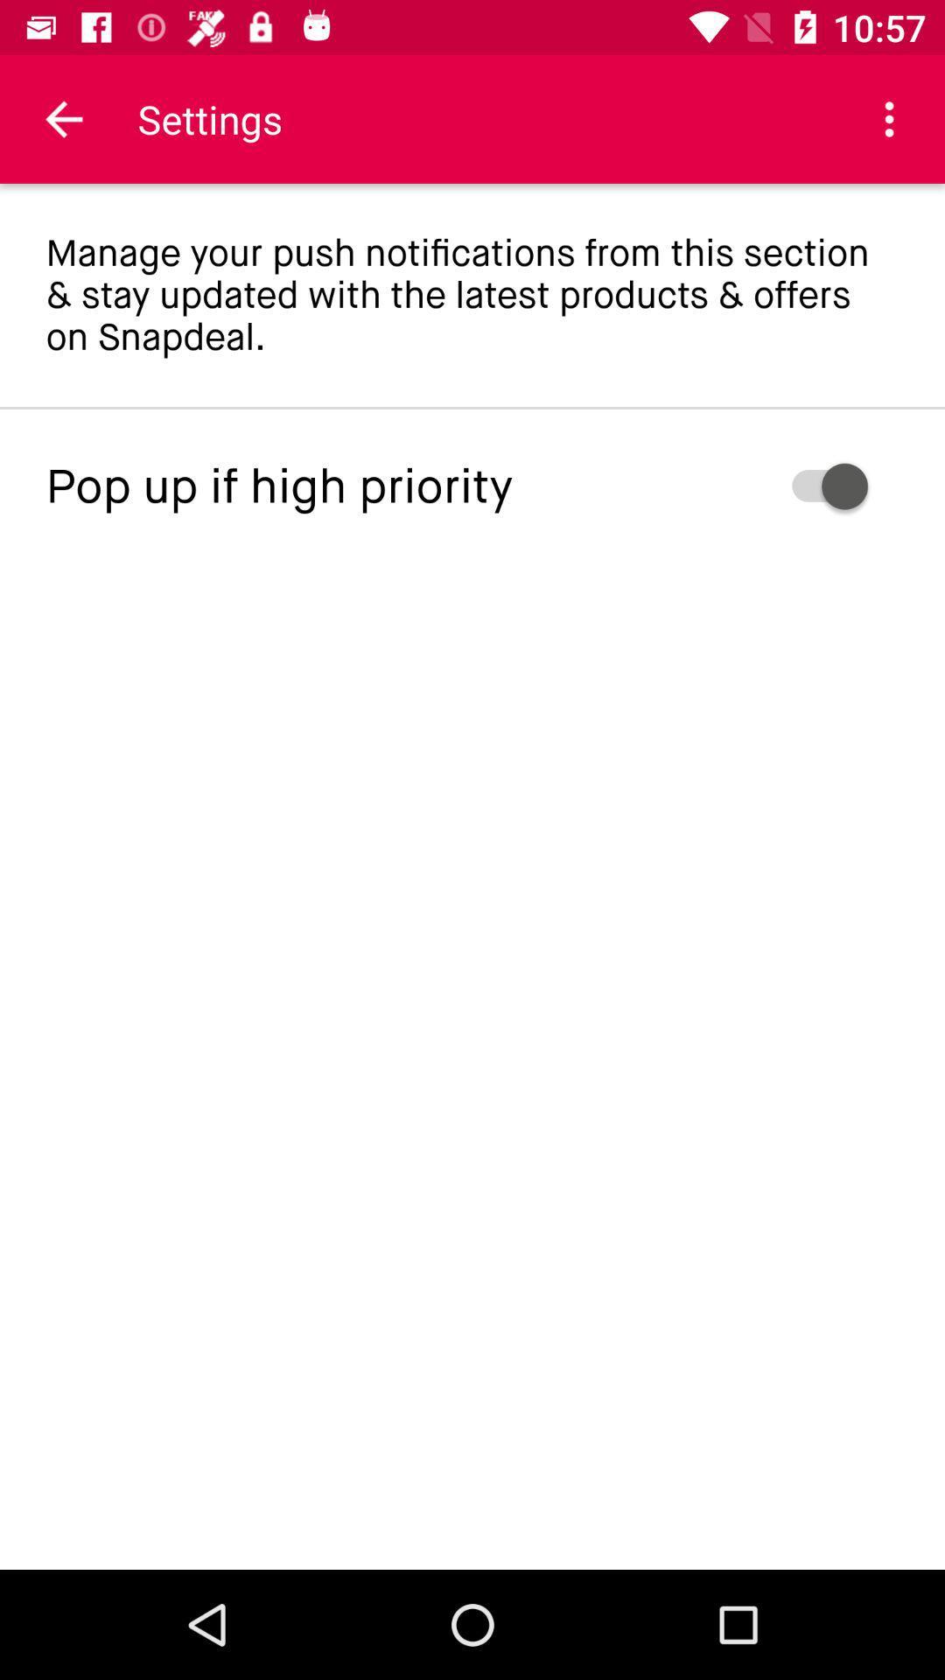  What do you see at coordinates (63, 118) in the screenshot?
I see `the app to the left of the settings app` at bounding box center [63, 118].